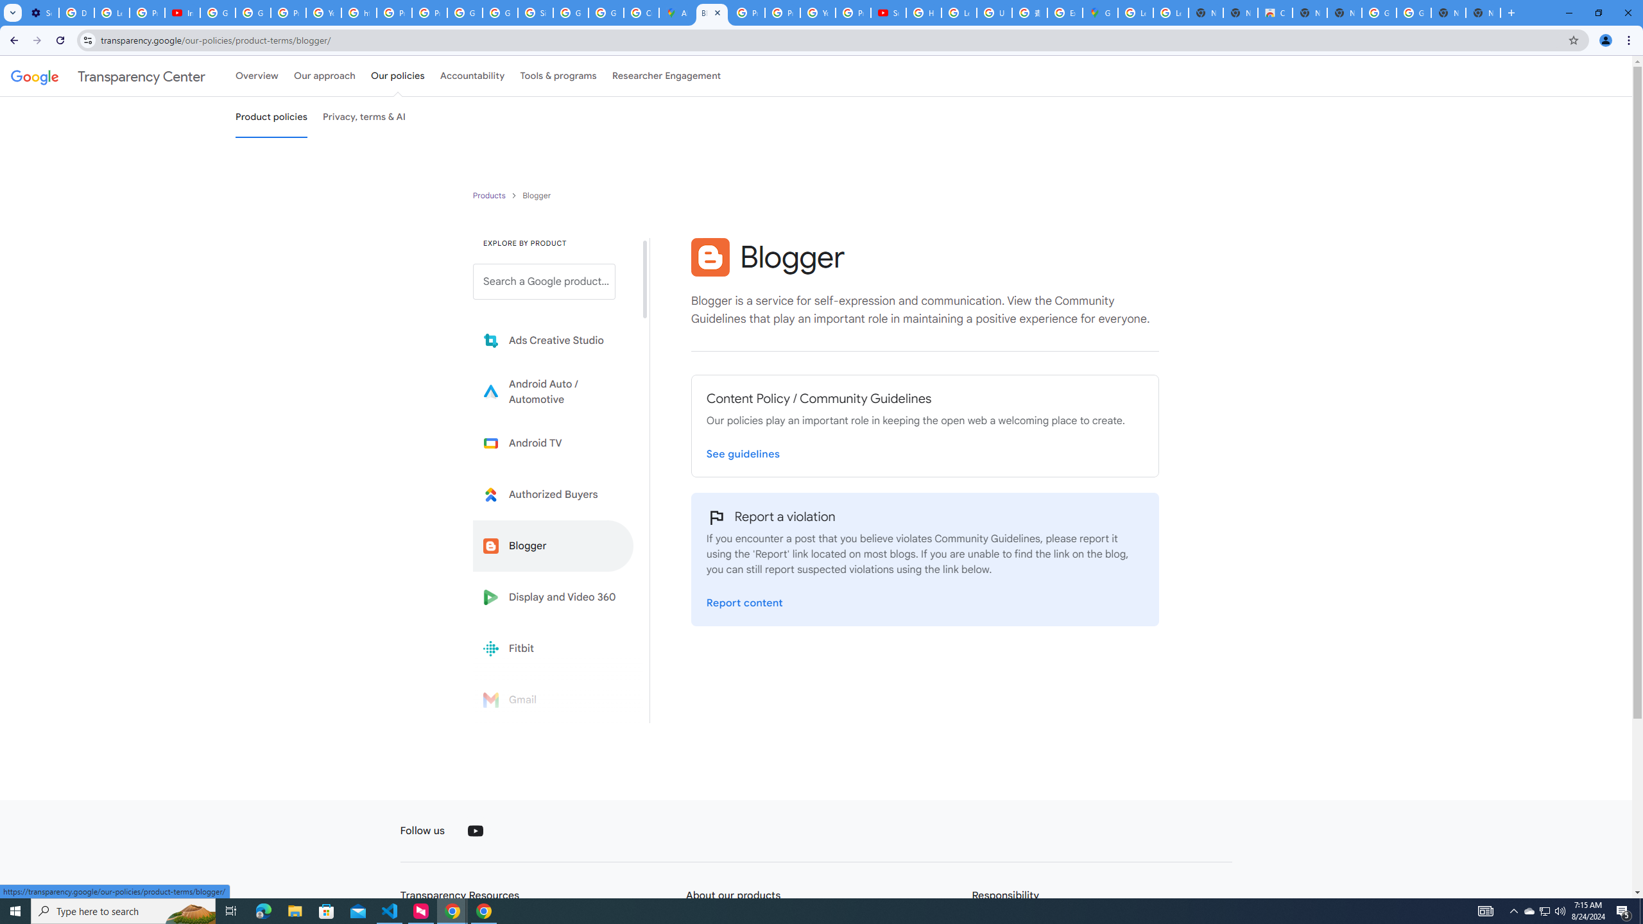 Image resolution: width=1643 pixels, height=924 pixels. Describe the element at coordinates (711, 12) in the screenshot. I see `'Blogger Policies and Guidelines - Transparency Center'` at that location.